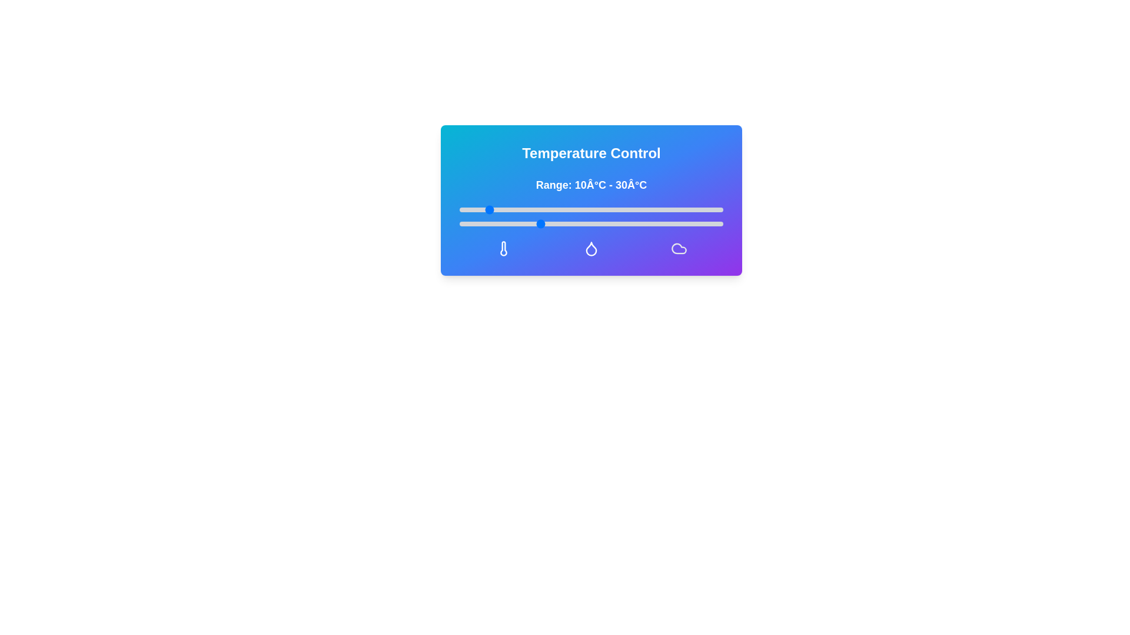 The image size is (1130, 635). Describe the element at coordinates (524, 209) in the screenshot. I see `the temperature` at that location.